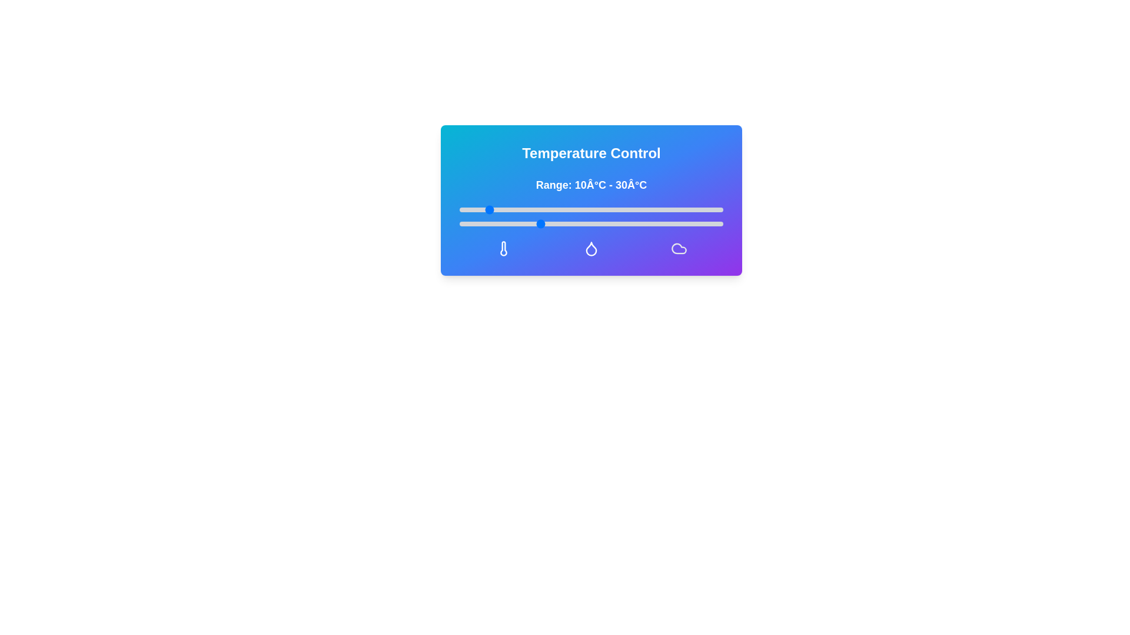 The image size is (1130, 635). Describe the element at coordinates (524, 209) in the screenshot. I see `the temperature` at that location.